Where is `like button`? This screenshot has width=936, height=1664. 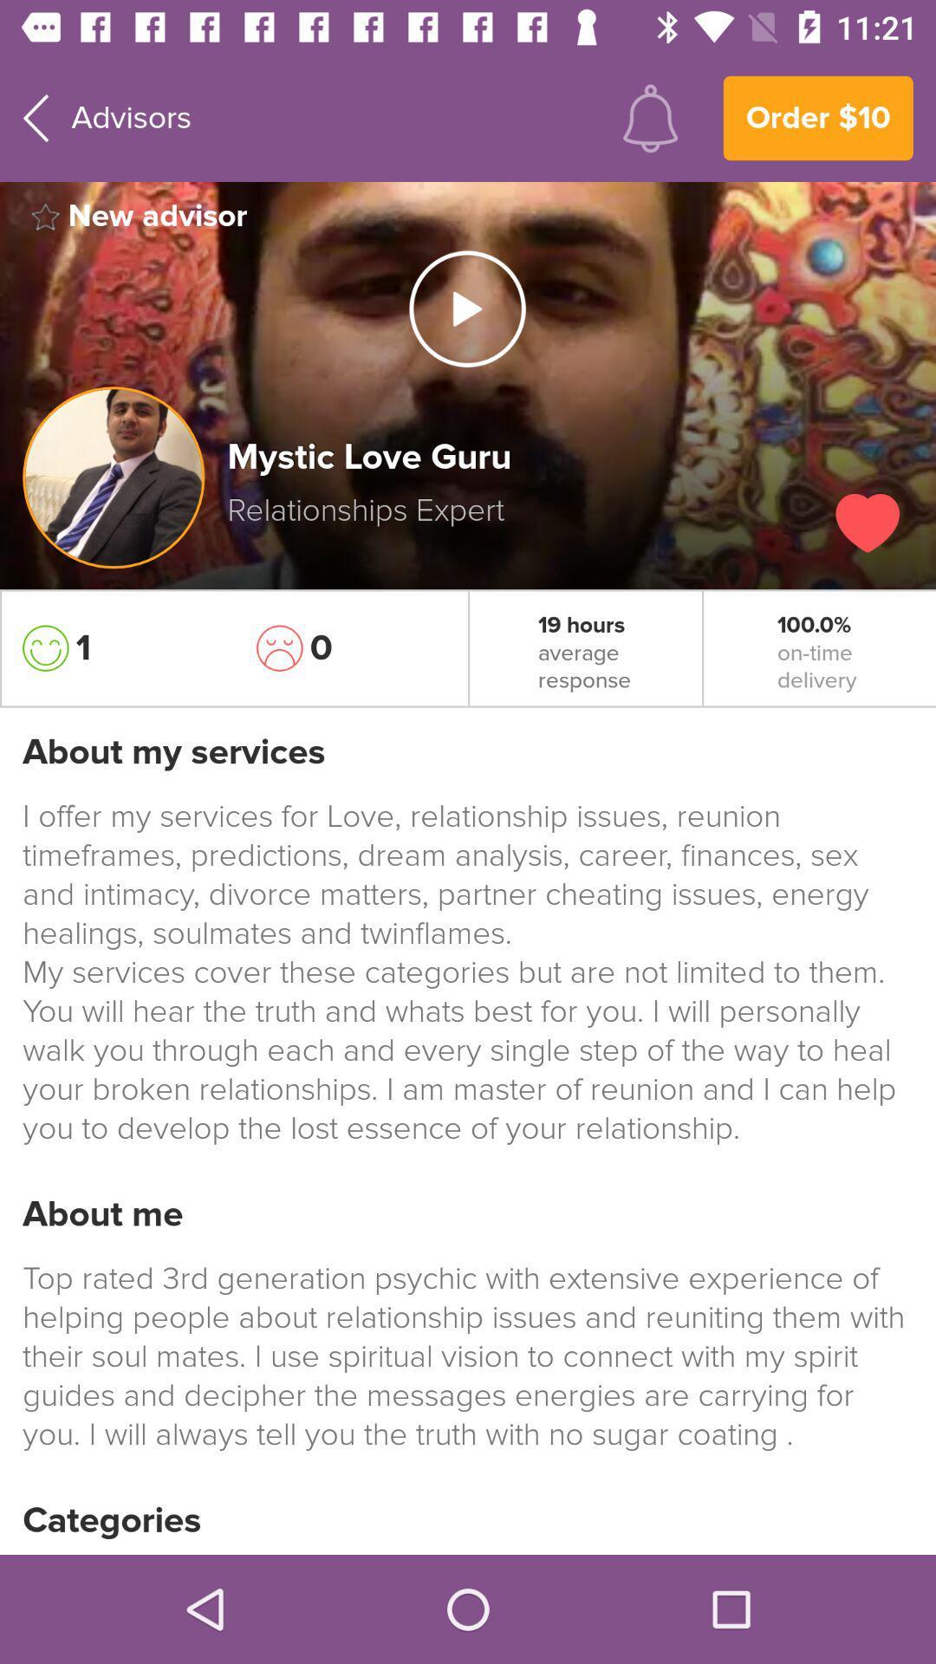
like button is located at coordinates (868, 522).